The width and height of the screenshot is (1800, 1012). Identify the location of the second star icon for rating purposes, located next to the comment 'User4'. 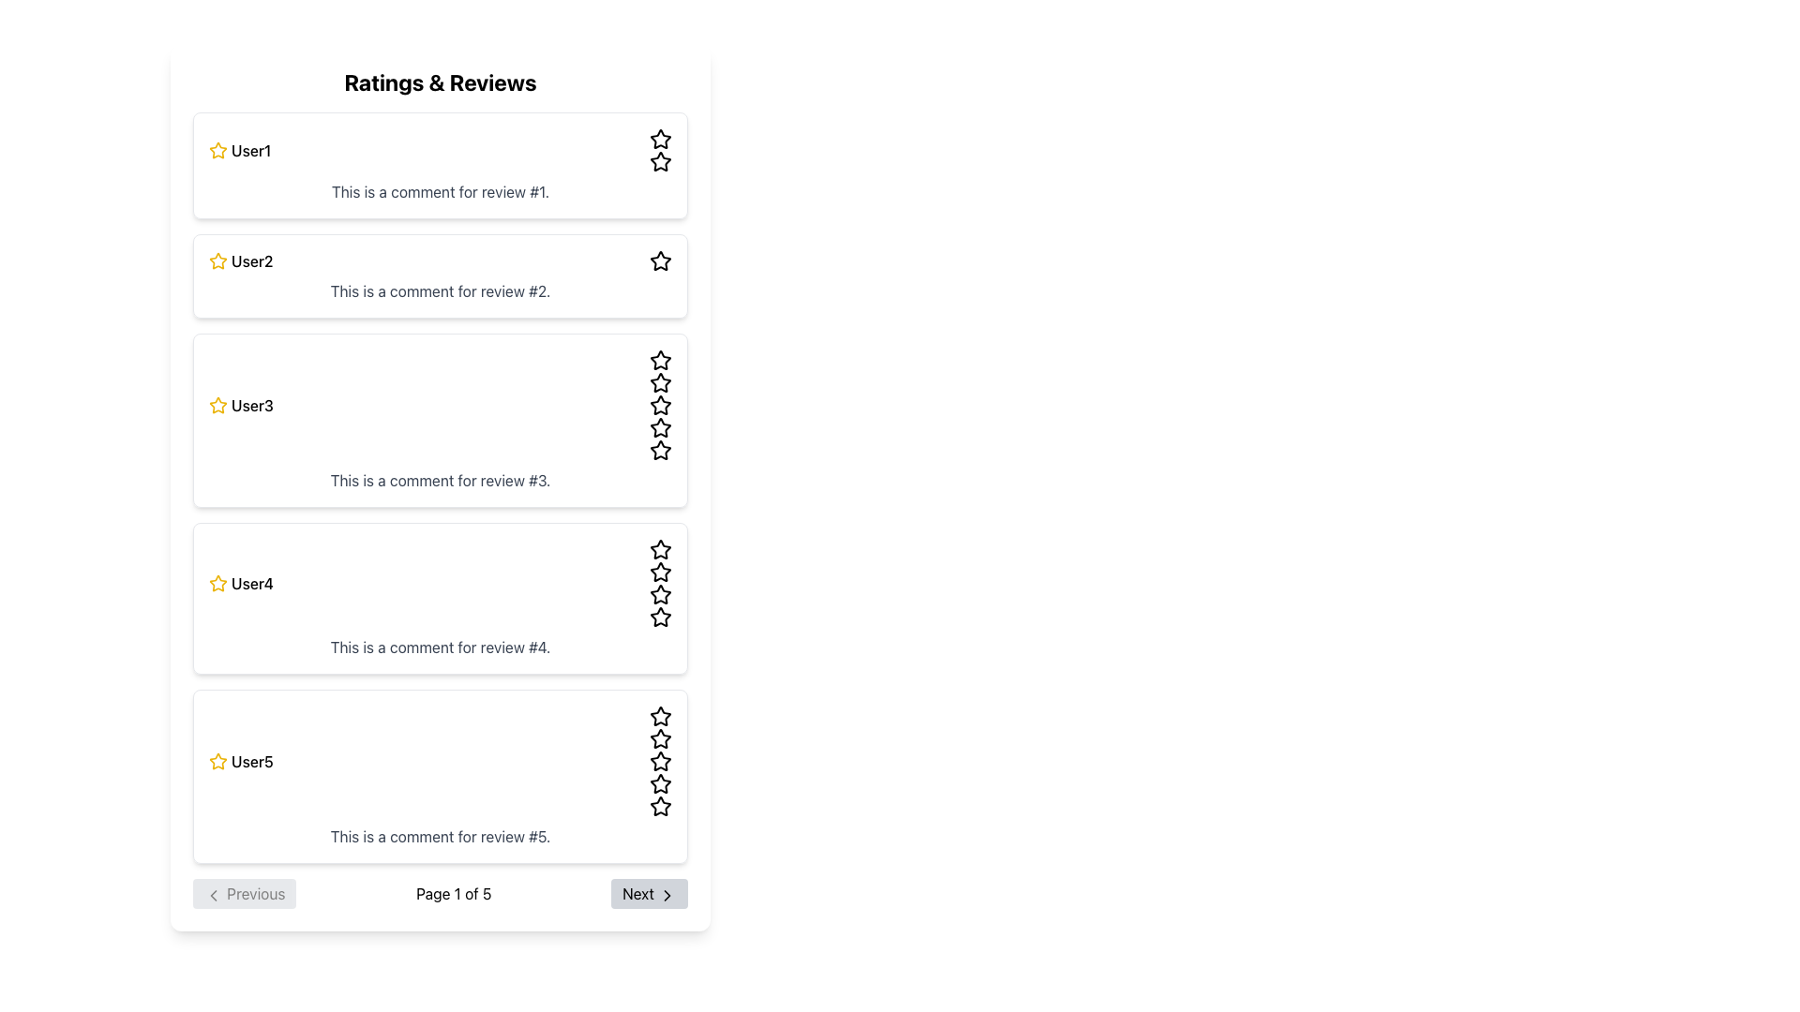
(661, 548).